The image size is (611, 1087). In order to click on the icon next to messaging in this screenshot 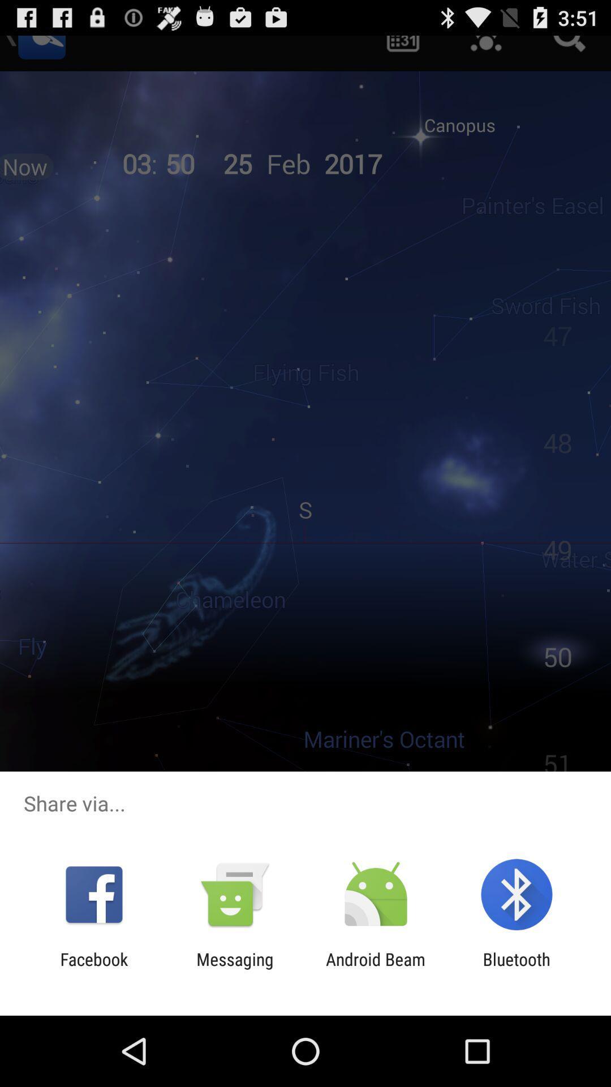, I will do `click(93, 969)`.